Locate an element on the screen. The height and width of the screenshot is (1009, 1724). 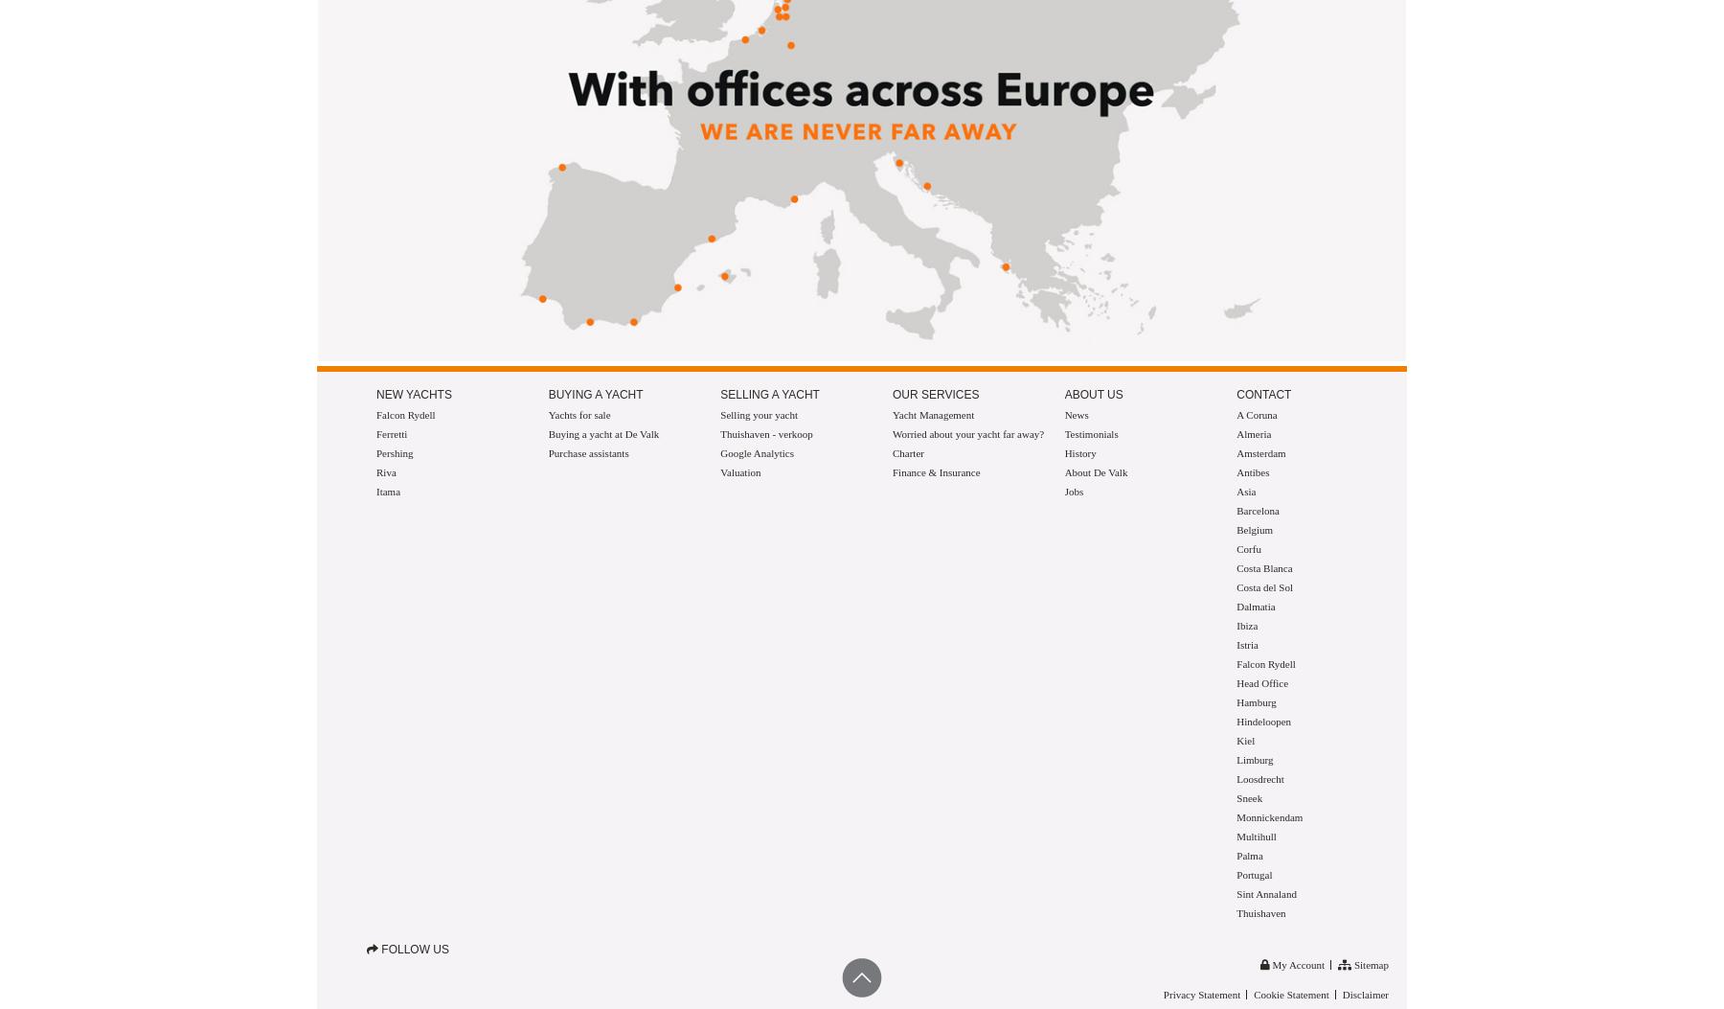
'Sneek' is located at coordinates (1249, 797).